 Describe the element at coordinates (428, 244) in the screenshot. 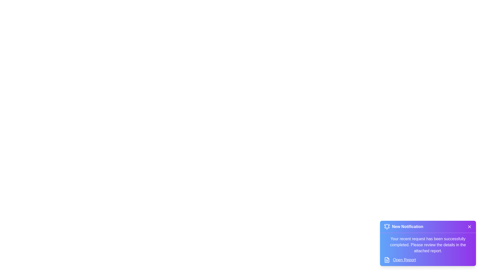

I see `the notification text block that informs users about the successful completion of a request, located in the bottom-right corner of the interface` at that location.